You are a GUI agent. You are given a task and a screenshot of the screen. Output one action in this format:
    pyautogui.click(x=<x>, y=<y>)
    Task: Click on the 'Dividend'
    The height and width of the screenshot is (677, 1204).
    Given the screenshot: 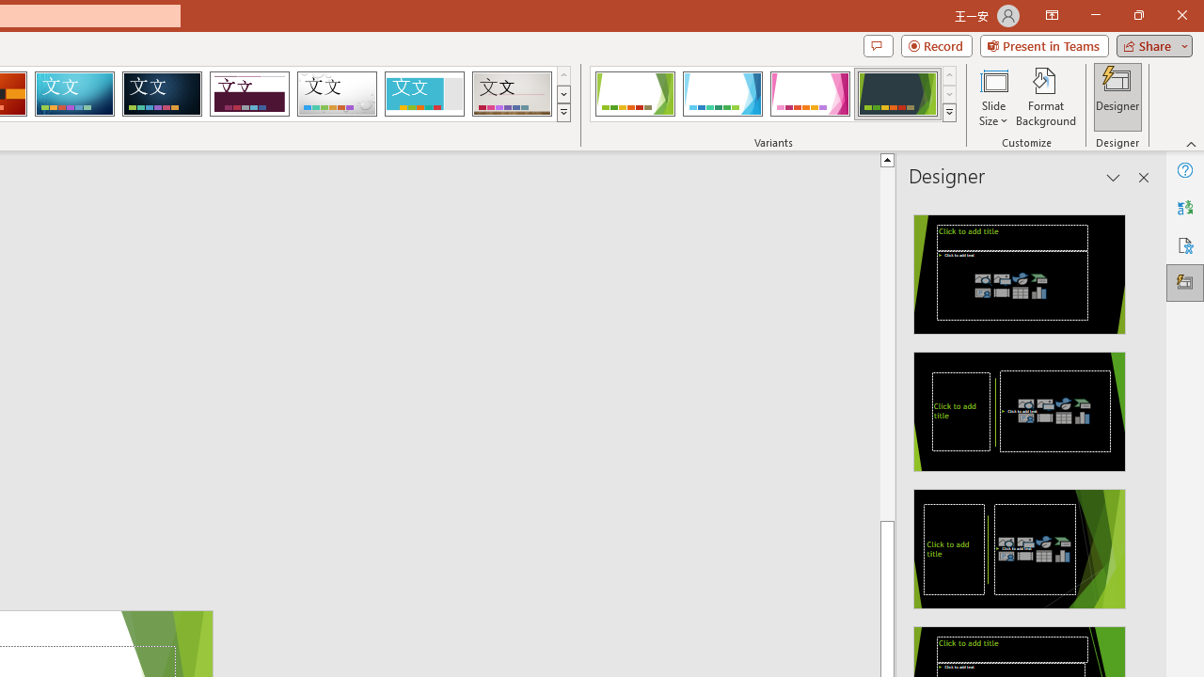 What is the action you would take?
    pyautogui.click(x=248, y=94)
    